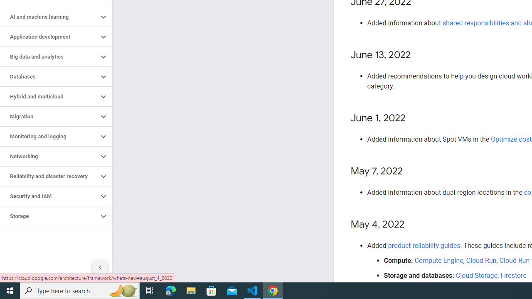 The image size is (532, 299). I want to click on 'product reliability guides', so click(424, 245).